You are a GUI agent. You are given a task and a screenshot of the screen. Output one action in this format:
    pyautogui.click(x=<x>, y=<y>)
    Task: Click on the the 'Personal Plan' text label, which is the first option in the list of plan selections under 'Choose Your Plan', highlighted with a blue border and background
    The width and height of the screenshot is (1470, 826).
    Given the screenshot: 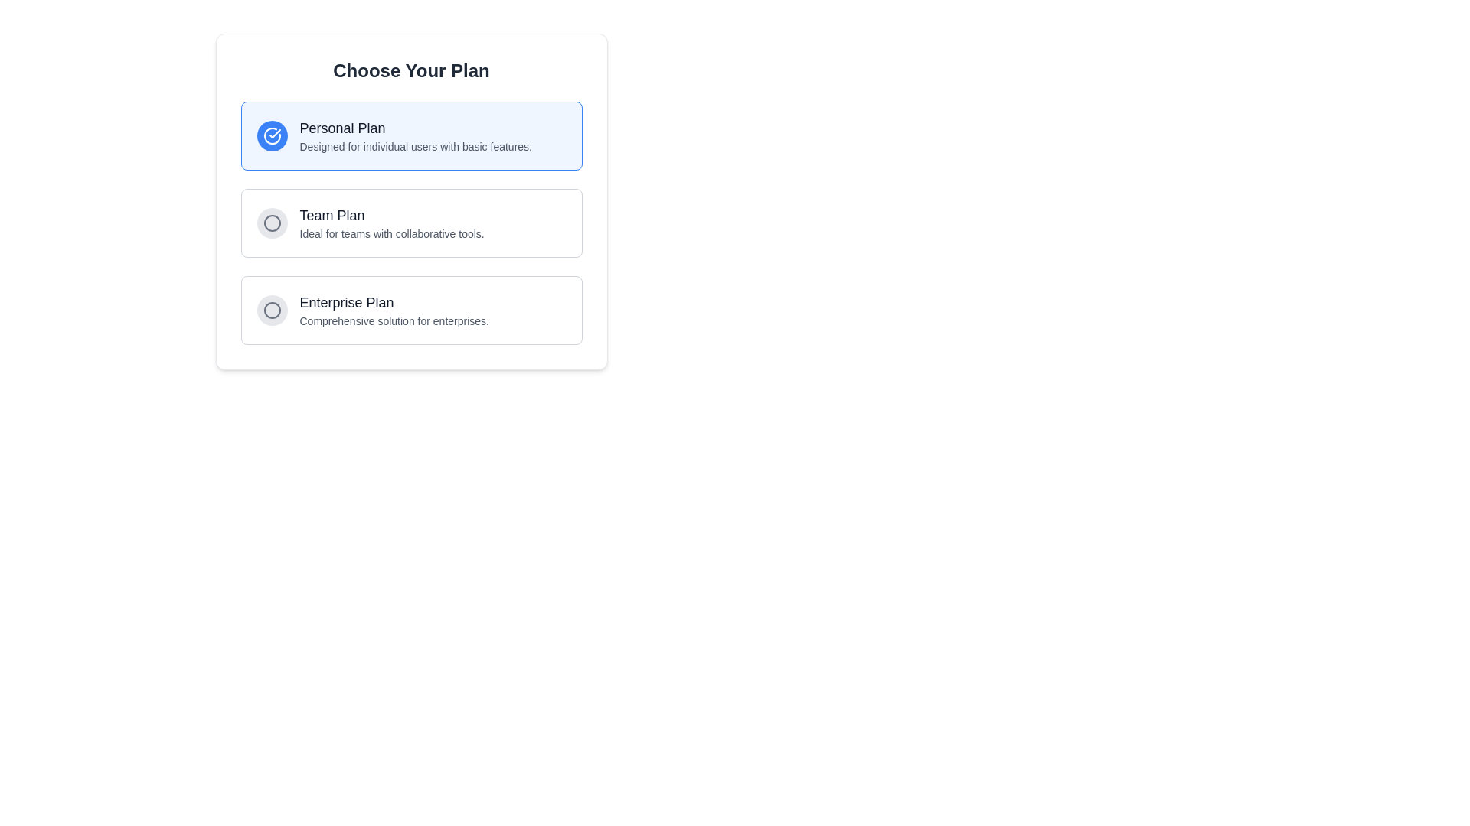 What is the action you would take?
    pyautogui.click(x=416, y=135)
    